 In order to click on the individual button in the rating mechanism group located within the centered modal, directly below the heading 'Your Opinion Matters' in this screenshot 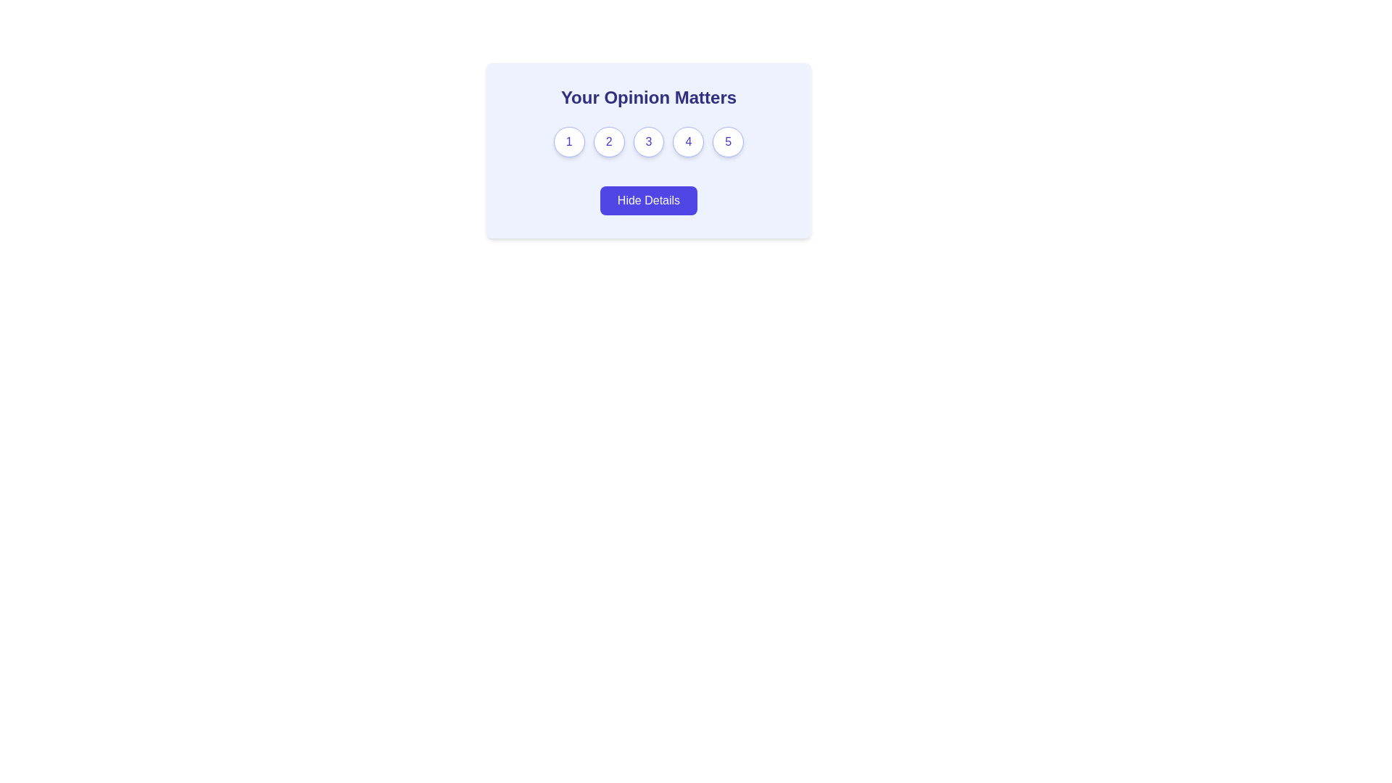, I will do `click(647, 142)`.